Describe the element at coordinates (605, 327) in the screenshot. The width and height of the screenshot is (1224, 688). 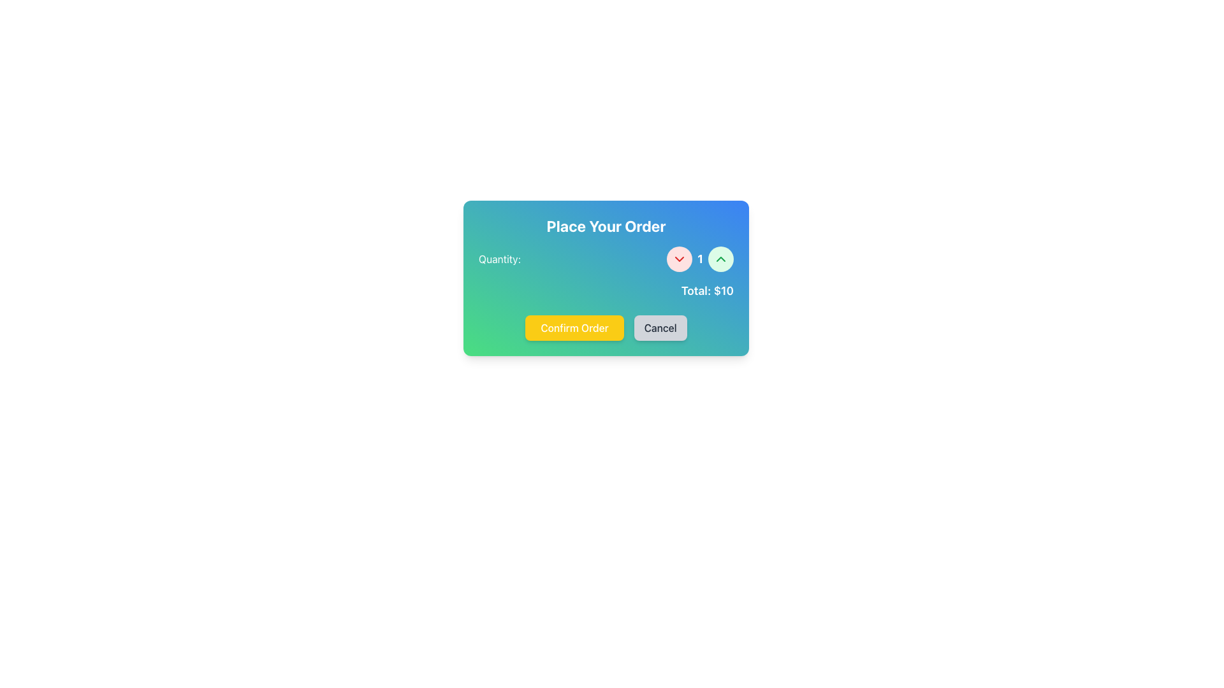
I see `the 'Confirm Order' button located in the modal dialog box at the bottom center of the interface to finalize and confirm the order process` at that location.